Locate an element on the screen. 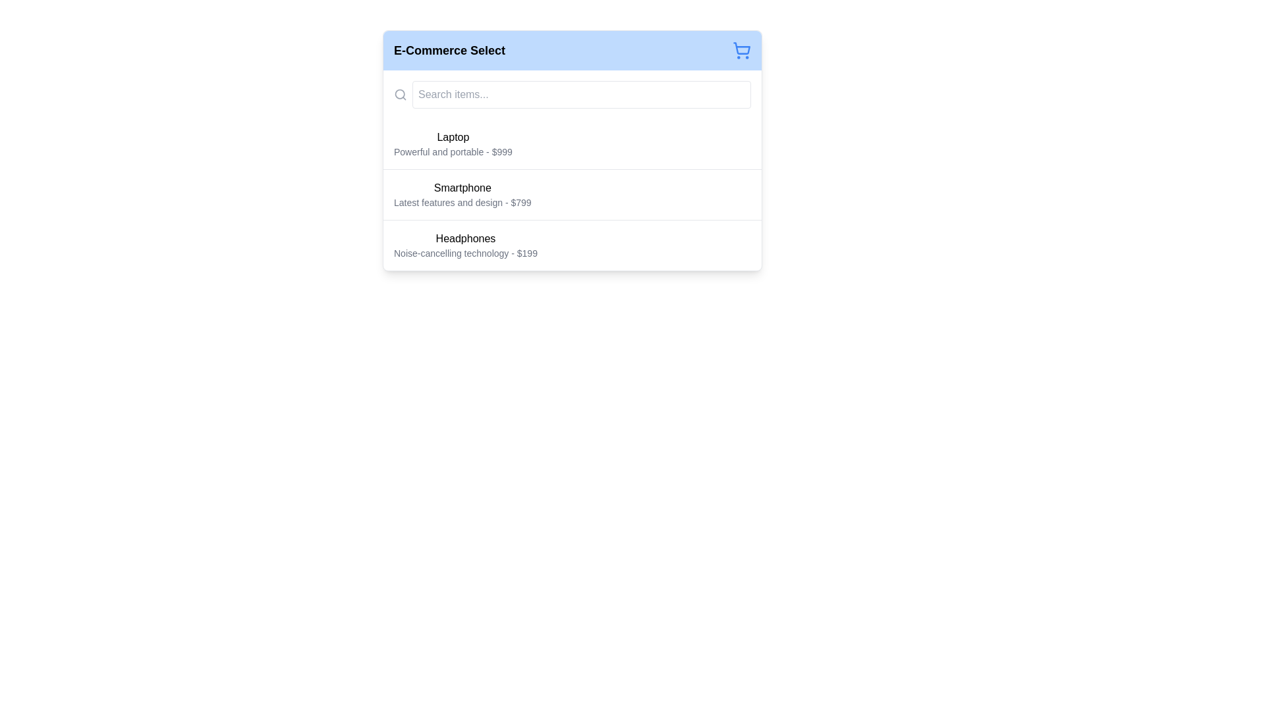 The image size is (1265, 711). the text label displaying 'Laptop', which is a bold headline in the first item group of the vertical list is located at coordinates (453, 137).